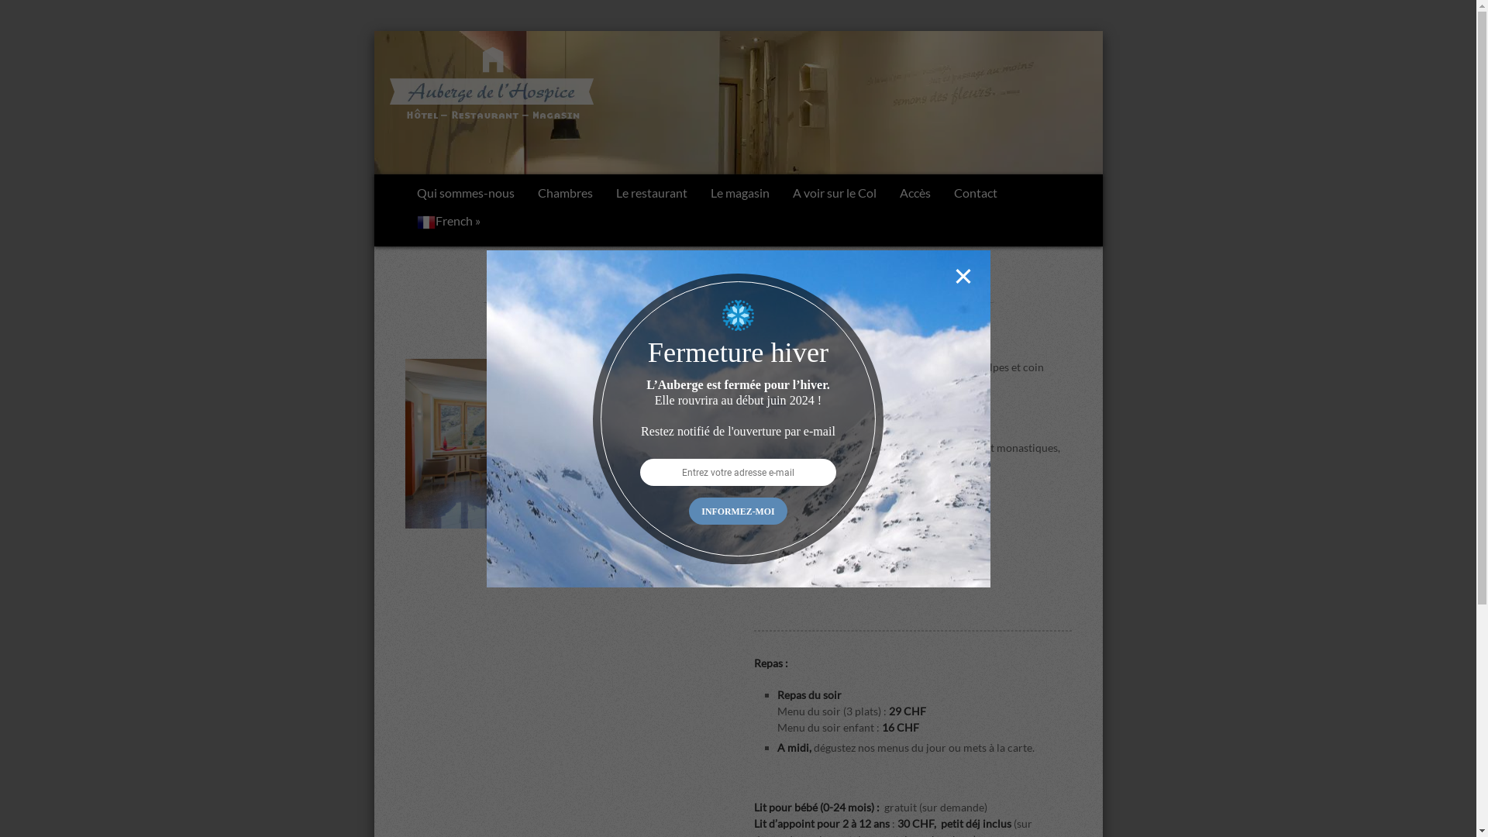  I want to click on 'Chambres', so click(563, 193).